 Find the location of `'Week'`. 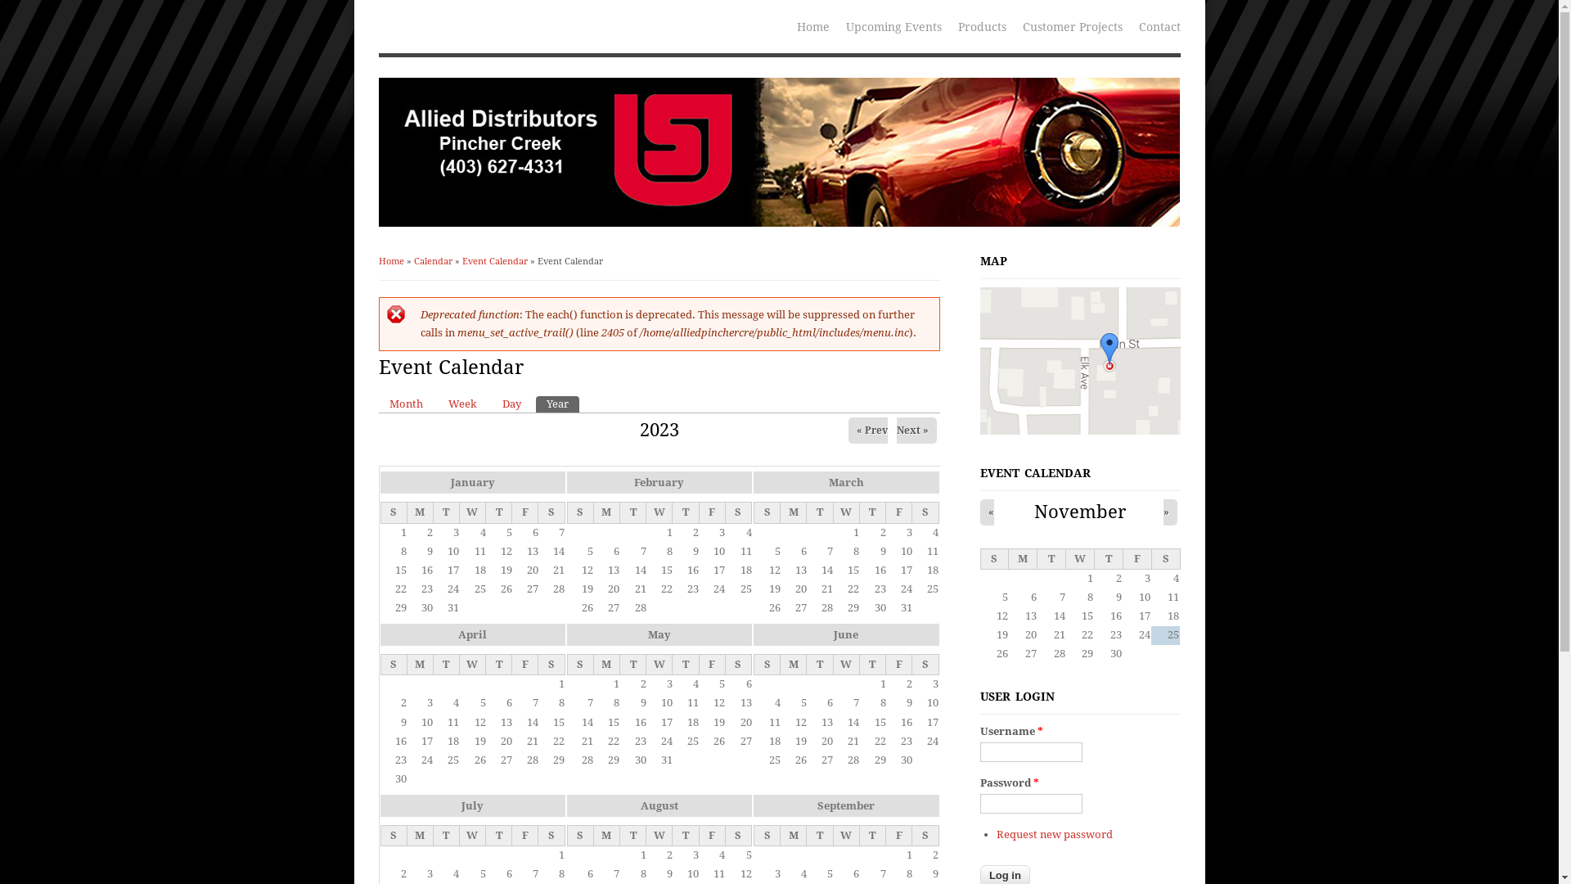

'Week' is located at coordinates (461, 404).